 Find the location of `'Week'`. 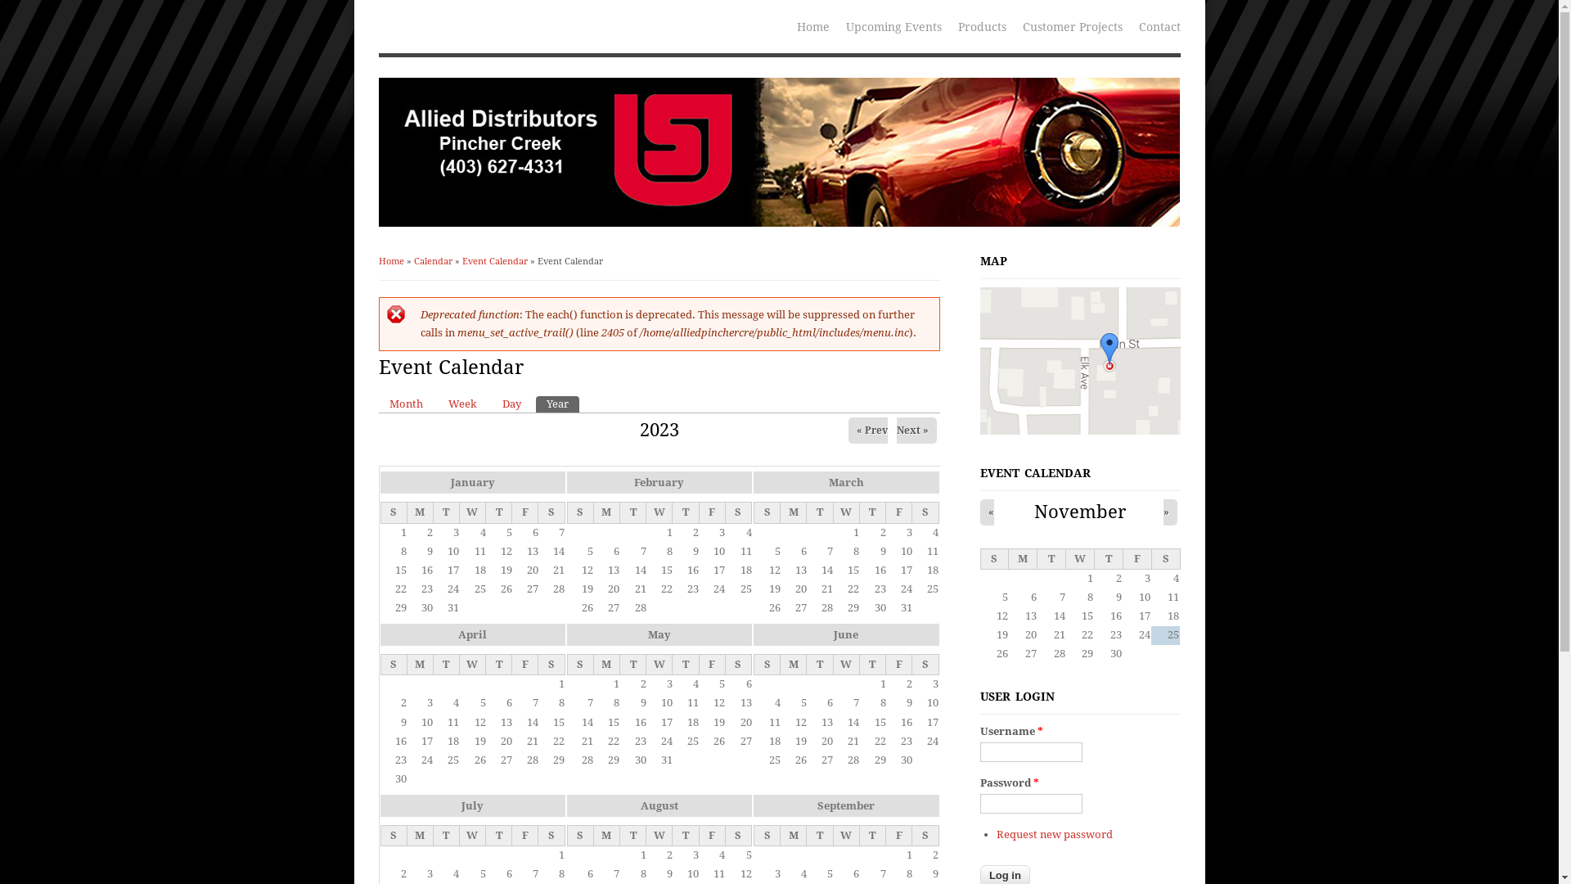

'Week' is located at coordinates (461, 404).